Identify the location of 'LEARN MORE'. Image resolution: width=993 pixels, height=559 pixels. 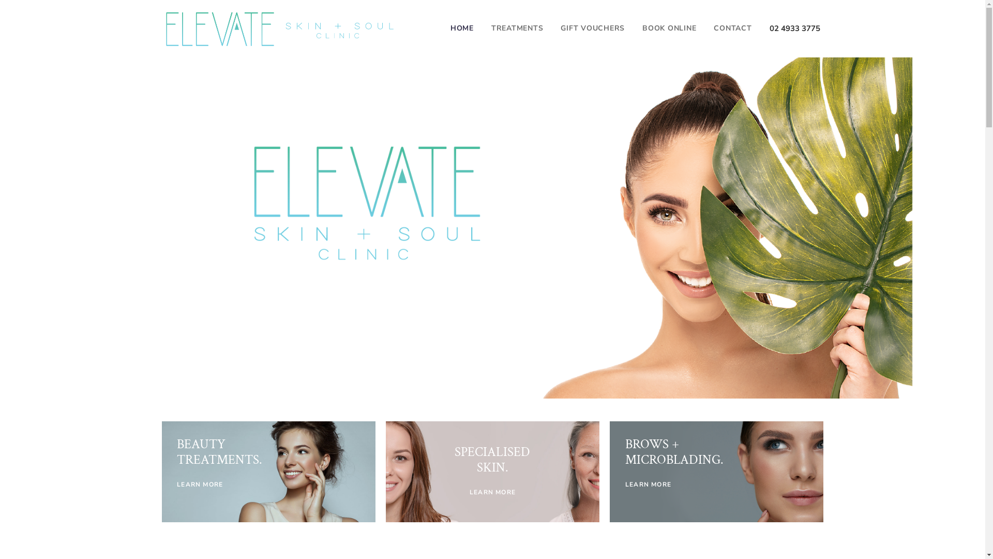
(492, 492).